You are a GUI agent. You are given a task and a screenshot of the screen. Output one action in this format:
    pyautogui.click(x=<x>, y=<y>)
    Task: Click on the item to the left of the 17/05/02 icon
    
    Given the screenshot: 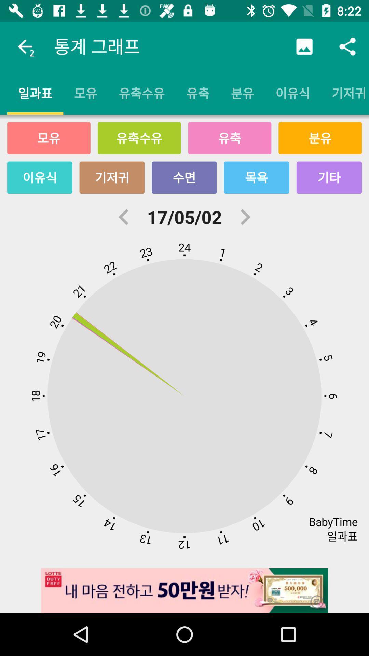 What is the action you would take?
    pyautogui.click(x=124, y=217)
    